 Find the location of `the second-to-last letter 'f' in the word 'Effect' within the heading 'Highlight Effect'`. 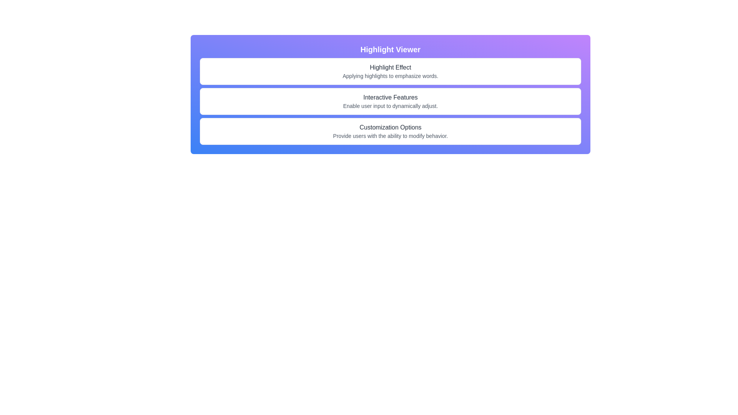

the second-to-last letter 'f' in the word 'Effect' within the heading 'Highlight Effect' is located at coordinates (400, 67).